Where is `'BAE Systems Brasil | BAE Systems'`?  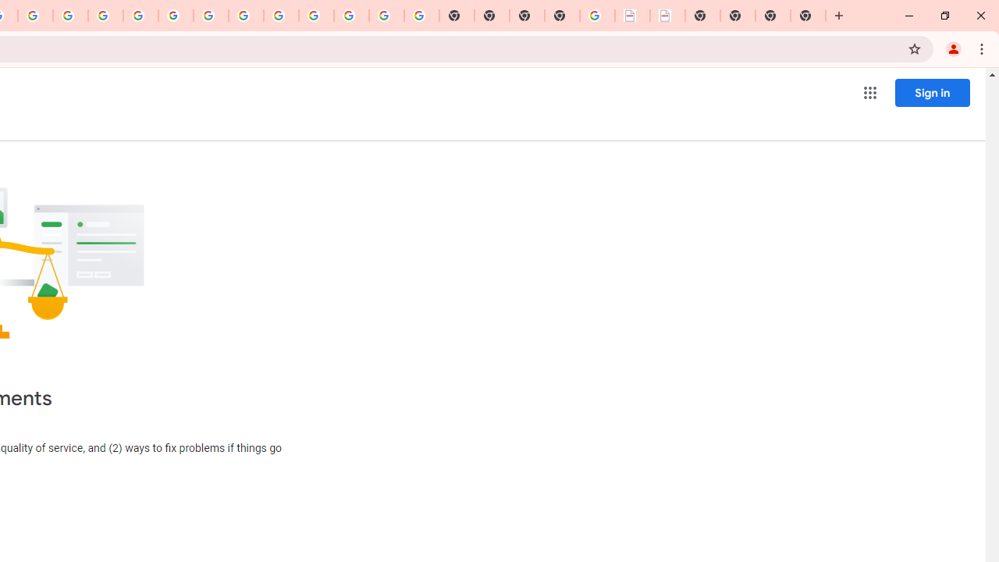 'BAE Systems Brasil | BAE Systems' is located at coordinates (667, 16).